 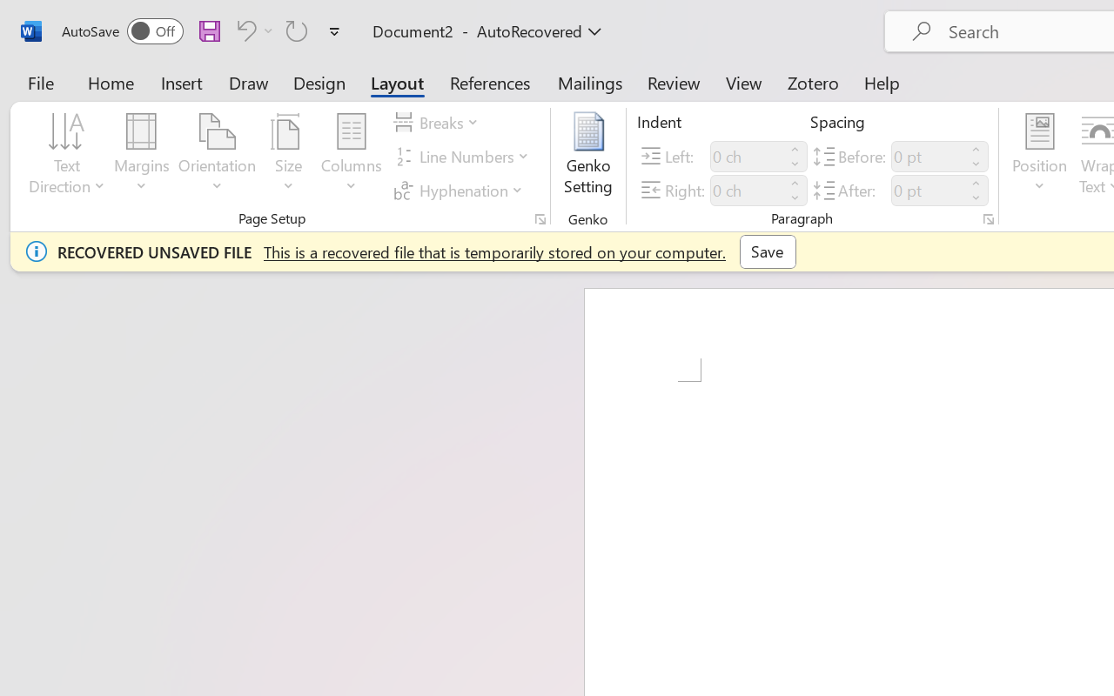 What do you see at coordinates (989, 218) in the screenshot?
I see `'Paragraph...'` at bounding box center [989, 218].